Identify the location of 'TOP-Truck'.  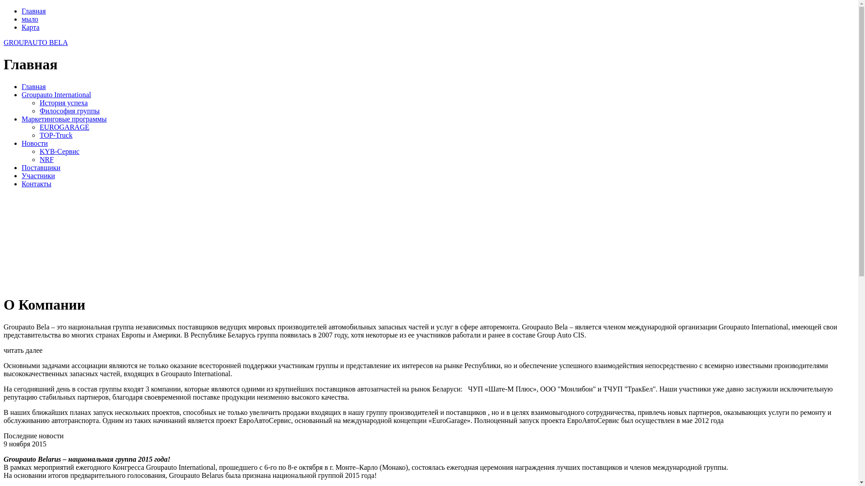
(55, 135).